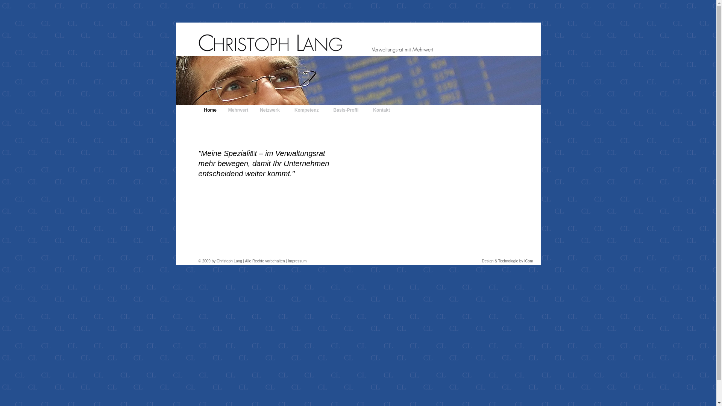 The image size is (722, 406). I want to click on 'Kompetenz', so click(308, 110).